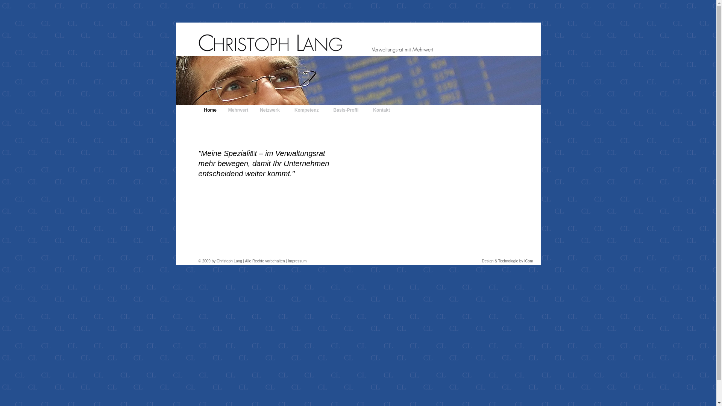 The image size is (722, 406). I want to click on 'Kompetenz', so click(308, 110).